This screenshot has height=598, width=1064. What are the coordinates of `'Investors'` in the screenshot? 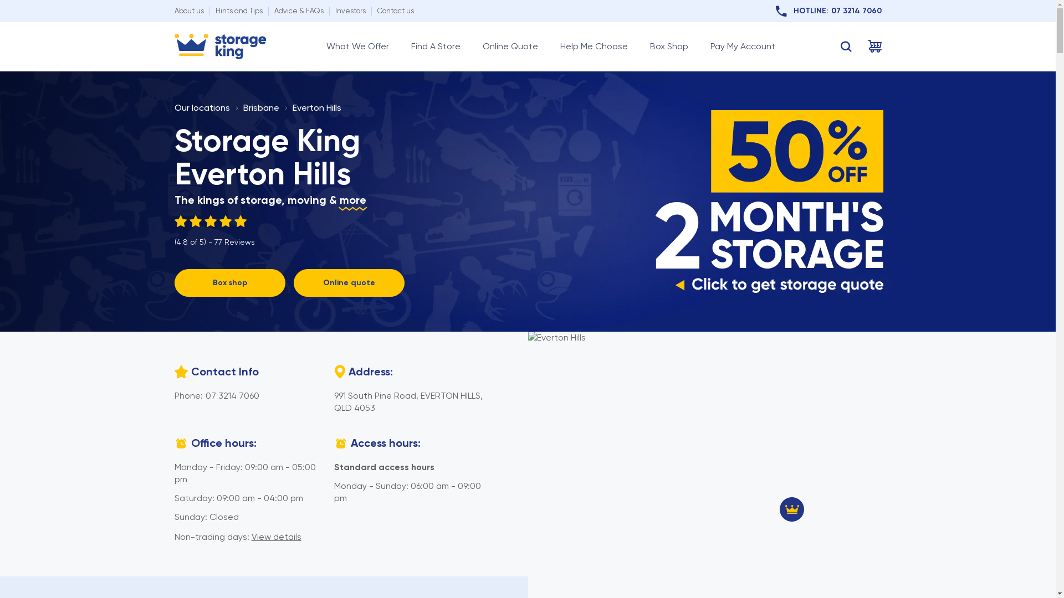 It's located at (349, 11).